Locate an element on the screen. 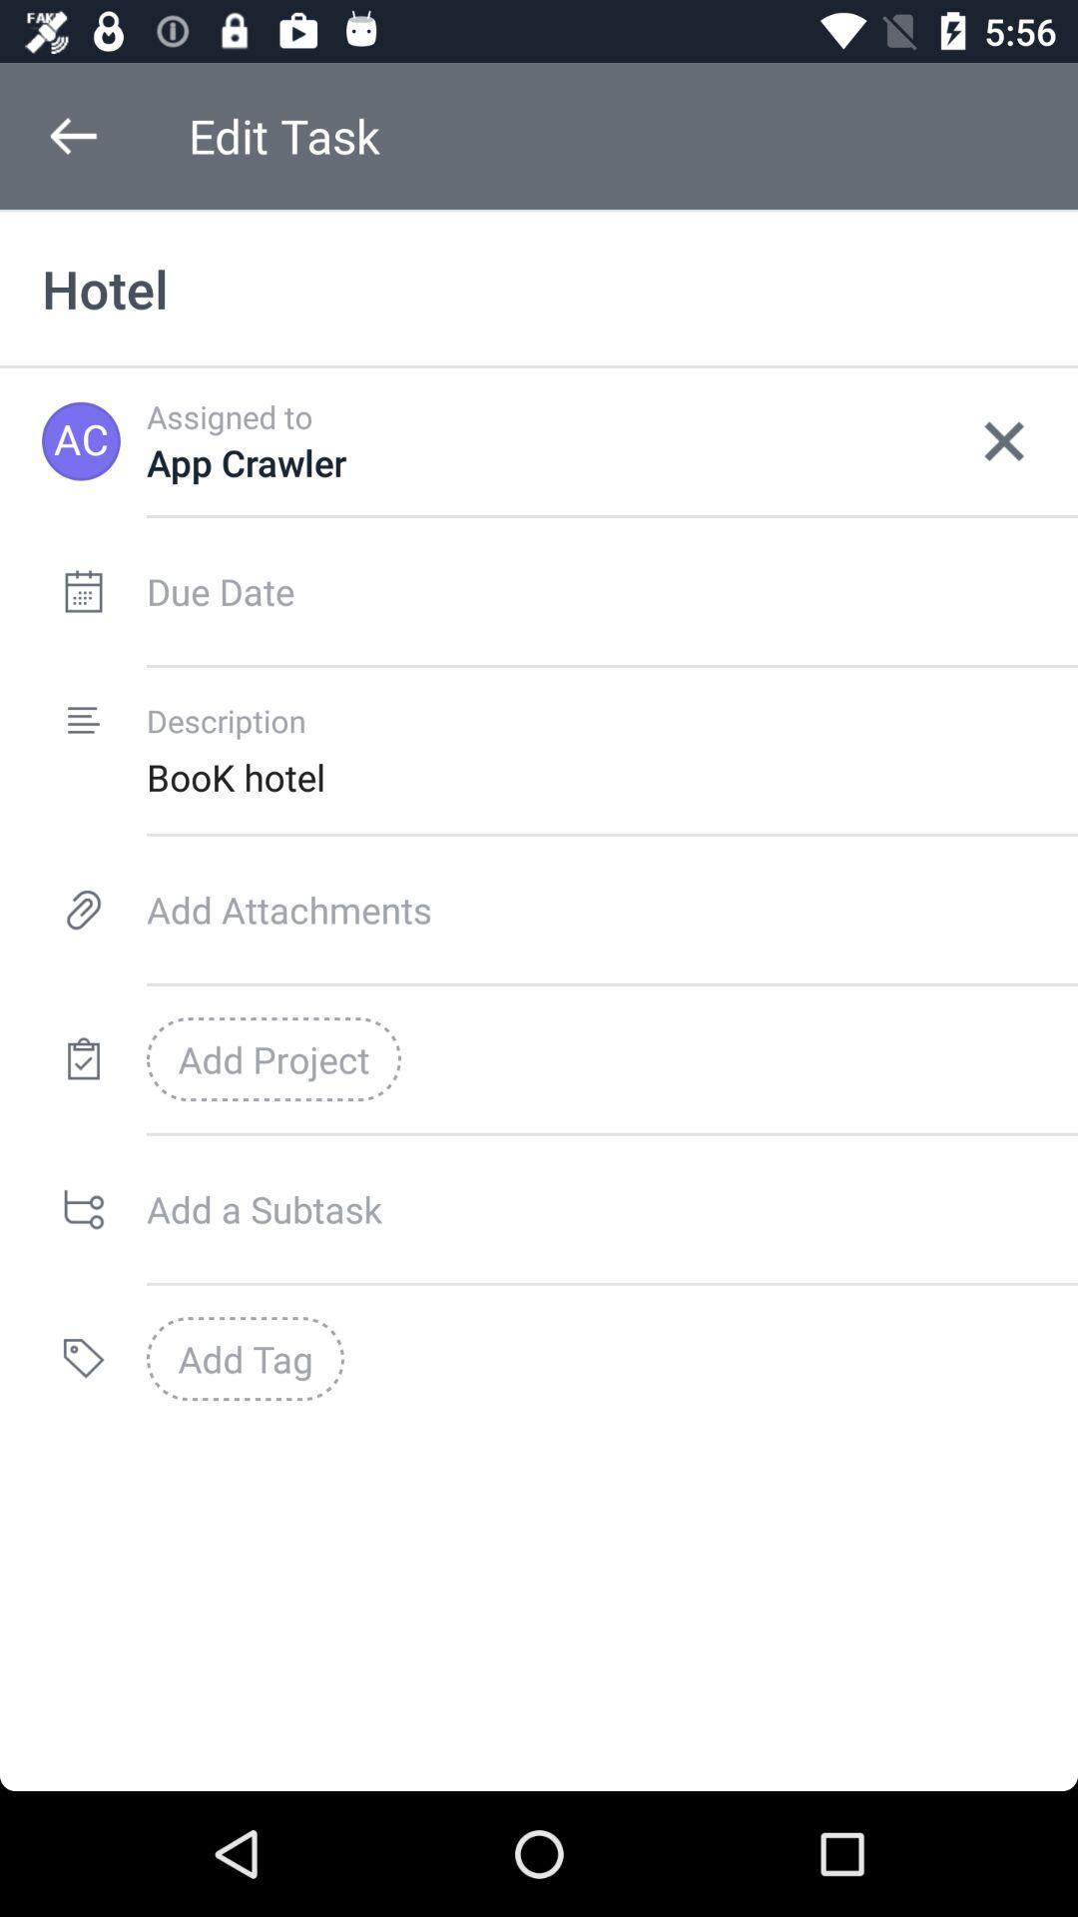  icon below description is located at coordinates (611, 776).